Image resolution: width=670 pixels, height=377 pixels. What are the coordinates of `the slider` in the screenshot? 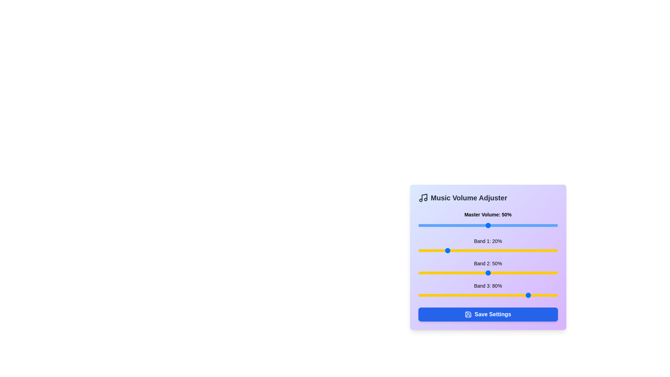 It's located at (471, 225).